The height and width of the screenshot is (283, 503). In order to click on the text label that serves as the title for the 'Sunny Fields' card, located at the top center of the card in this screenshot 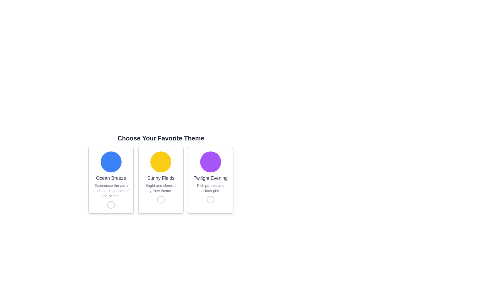, I will do `click(161, 178)`.